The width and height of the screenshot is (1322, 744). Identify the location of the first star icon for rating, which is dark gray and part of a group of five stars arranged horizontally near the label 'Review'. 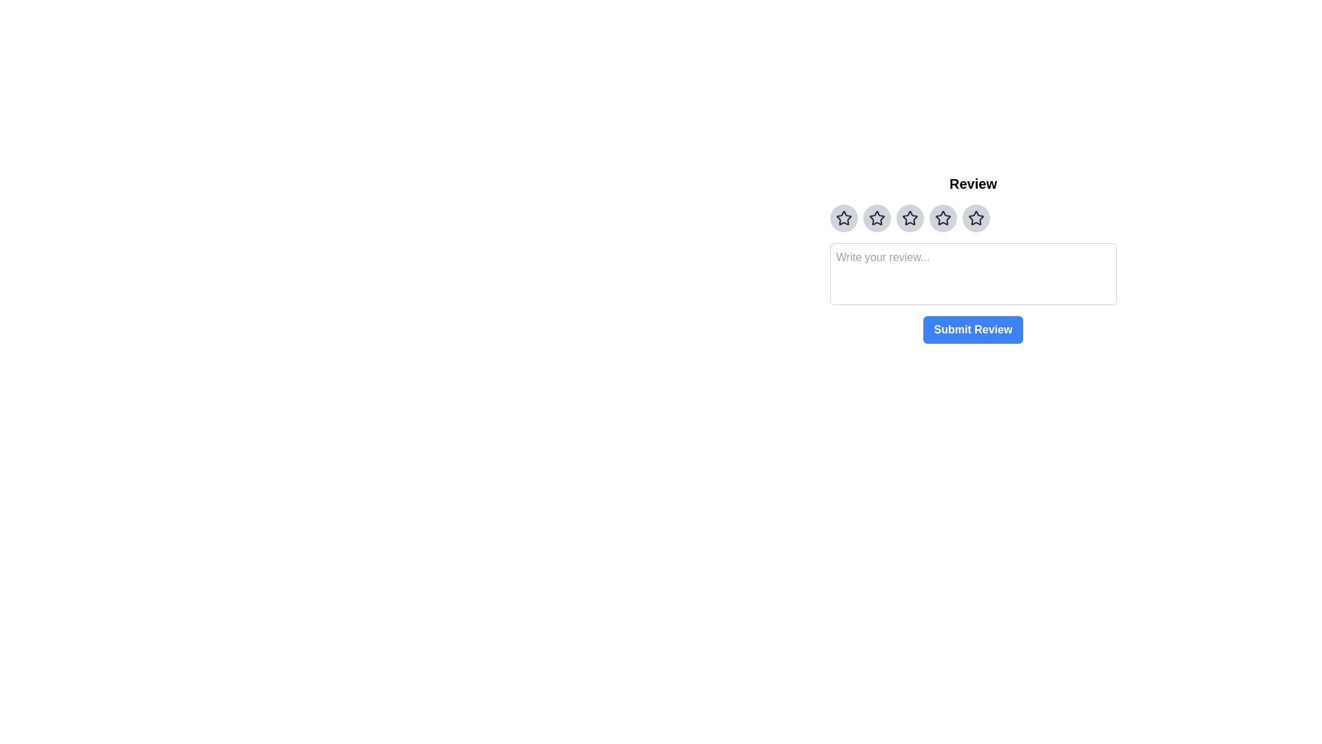
(843, 217).